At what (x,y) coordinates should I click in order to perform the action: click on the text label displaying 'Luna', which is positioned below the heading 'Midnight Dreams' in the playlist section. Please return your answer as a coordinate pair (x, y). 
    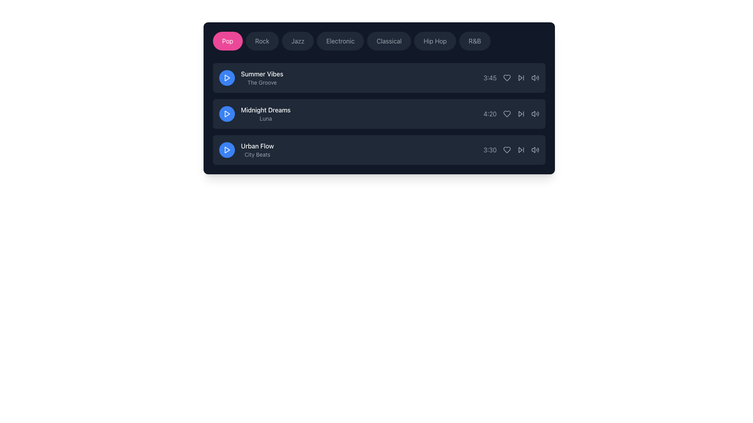
    Looking at the image, I should click on (266, 119).